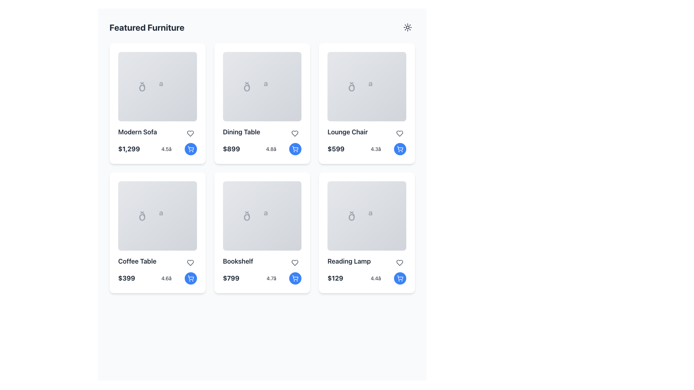 Image resolution: width=694 pixels, height=390 pixels. Describe the element at coordinates (129, 148) in the screenshot. I see `the bold, large-sized text displaying the price '$1,299' located in the top-left card of the grid layout, positioned below the image and label for 'Modern Sofa'` at that location.